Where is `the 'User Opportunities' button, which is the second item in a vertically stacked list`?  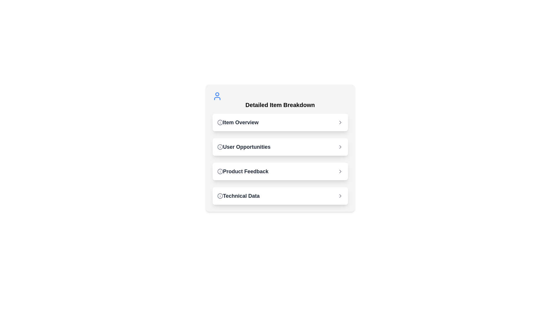
the 'User Opportunities' button, which is the second item in a vertically stacked list is located at coordinates (280, 147).